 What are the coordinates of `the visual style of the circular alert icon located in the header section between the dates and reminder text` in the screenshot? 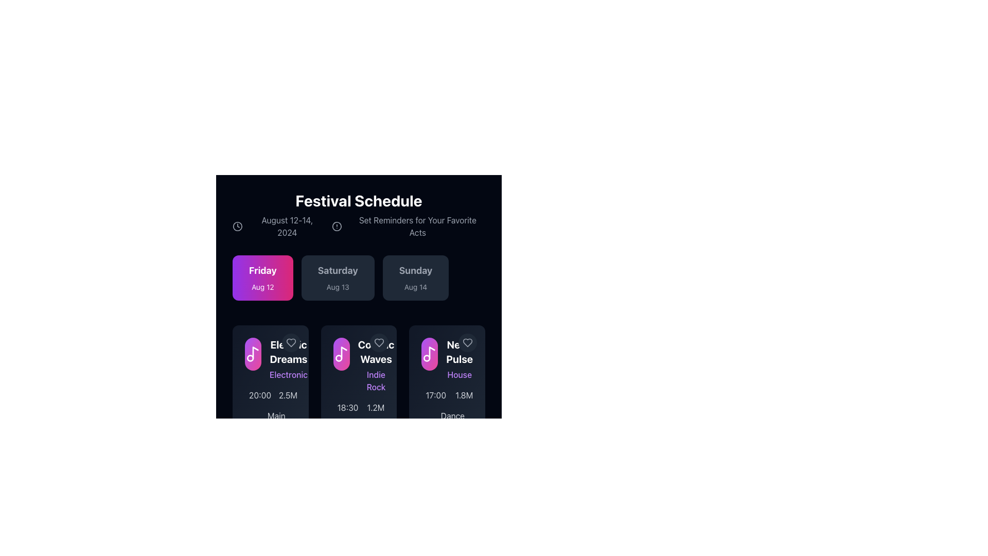 It's located at (337, 225).